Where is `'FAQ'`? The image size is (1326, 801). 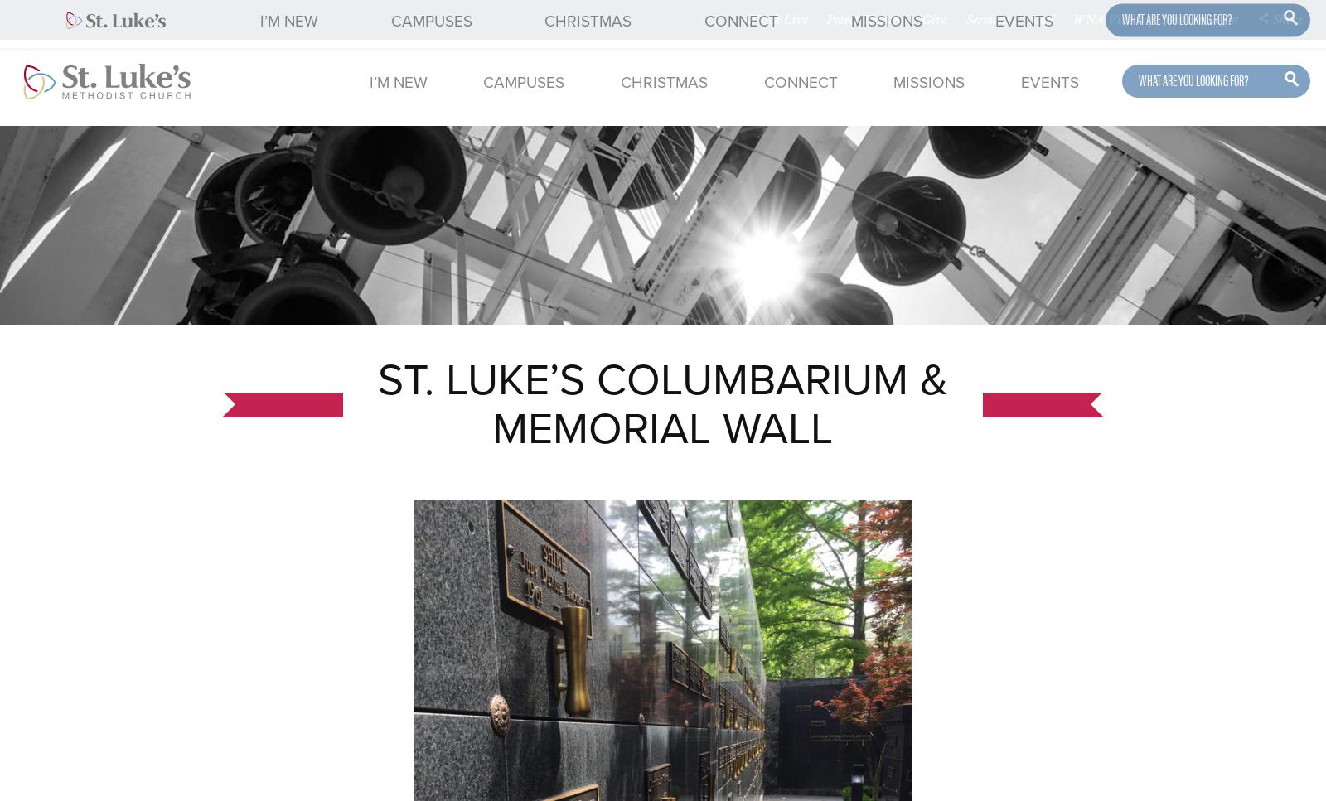
'FAQ' is located at coordinates (624, 93).